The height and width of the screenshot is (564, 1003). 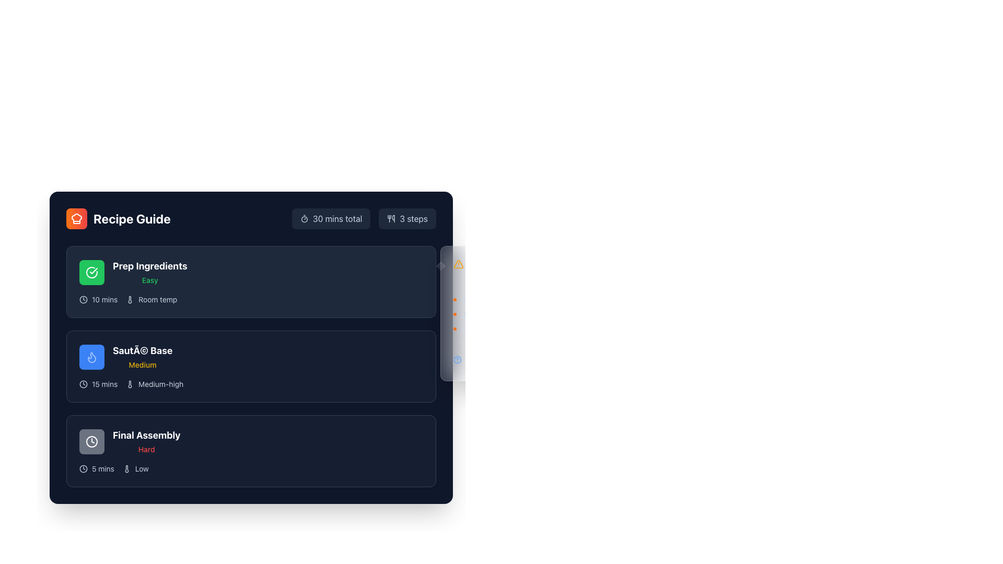 What do you see at coordinates (92, 272) in the screenshot?
I see `the green circular icon with a white checkmark in the 'Prep Ingredients' section of the recipe steps` at bounding box center [92, 272].